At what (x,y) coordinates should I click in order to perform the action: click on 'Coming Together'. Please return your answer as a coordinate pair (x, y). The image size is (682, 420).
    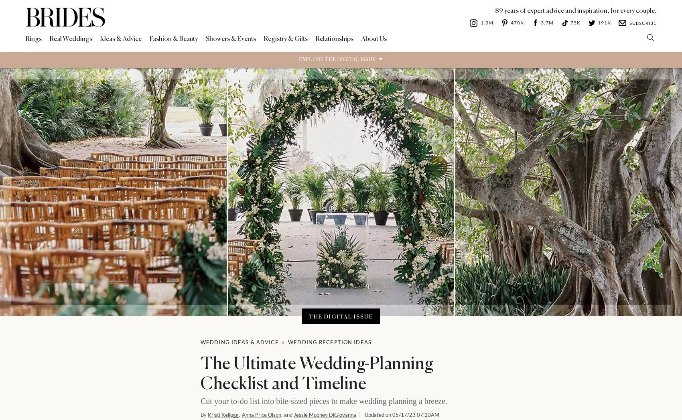
    Looking at the image, I should click on (266, 135).